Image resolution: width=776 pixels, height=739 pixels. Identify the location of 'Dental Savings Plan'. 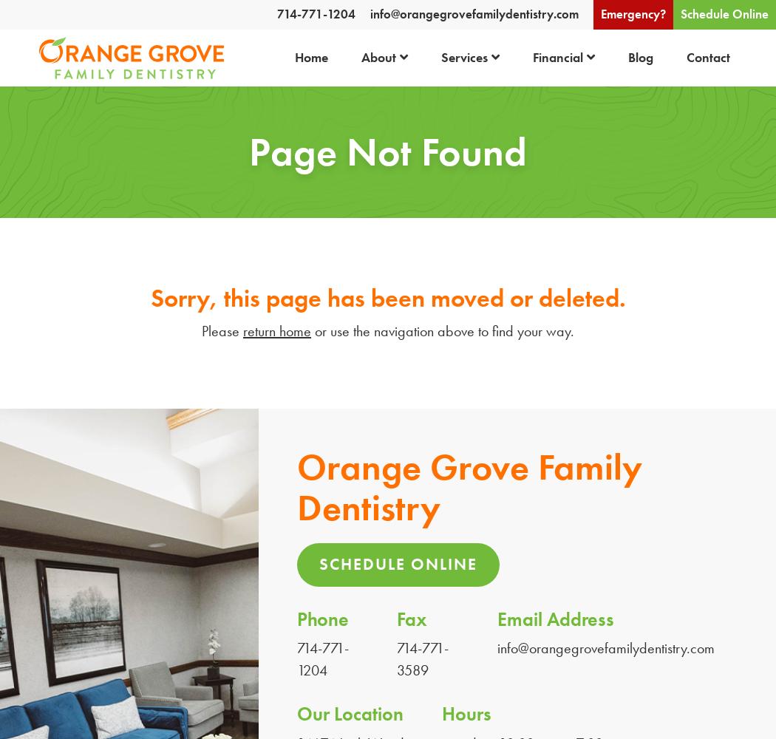
(562, 113).